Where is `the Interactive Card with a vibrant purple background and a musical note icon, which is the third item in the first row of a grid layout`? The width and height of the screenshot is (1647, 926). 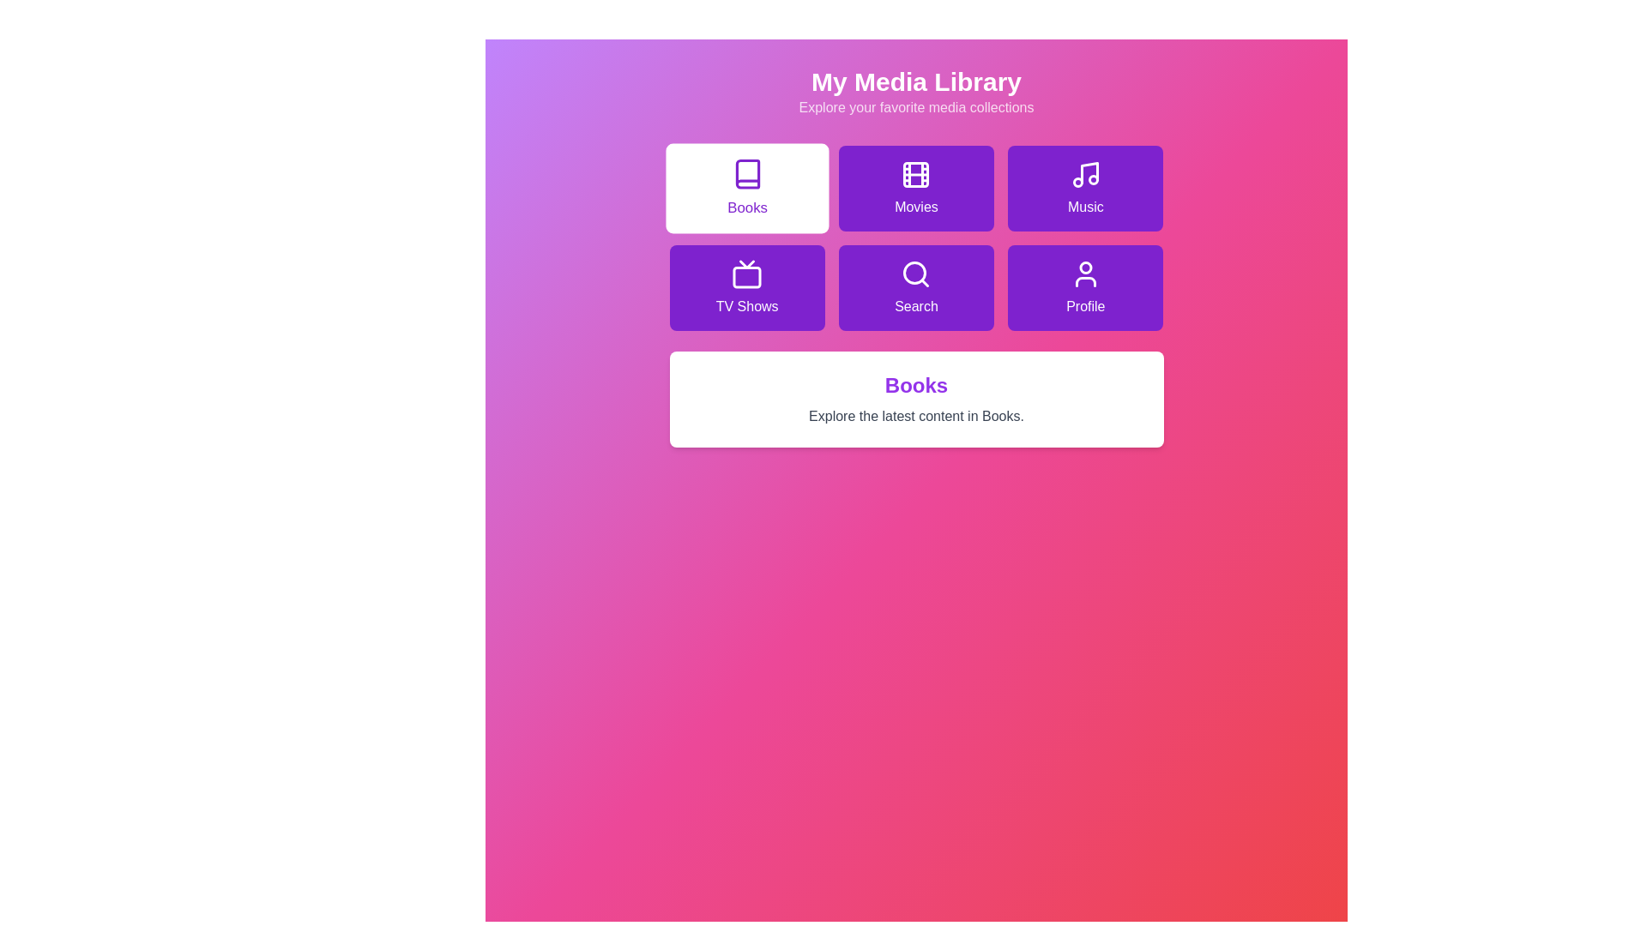
the Interactive Card with a vibrant purple background and a musical note icon, which is the third item in the first row of a grid layout is located at coordinates (1084, 188).